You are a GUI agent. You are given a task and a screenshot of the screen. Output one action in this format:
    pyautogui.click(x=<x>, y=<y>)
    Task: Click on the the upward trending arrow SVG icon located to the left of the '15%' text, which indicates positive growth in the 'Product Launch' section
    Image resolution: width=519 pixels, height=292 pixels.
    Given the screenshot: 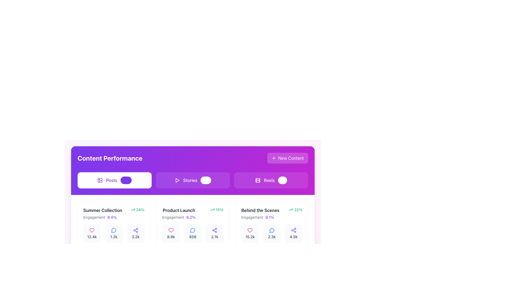 What is the action you would take?
    pyautogui.click(x=212, y=209)
    